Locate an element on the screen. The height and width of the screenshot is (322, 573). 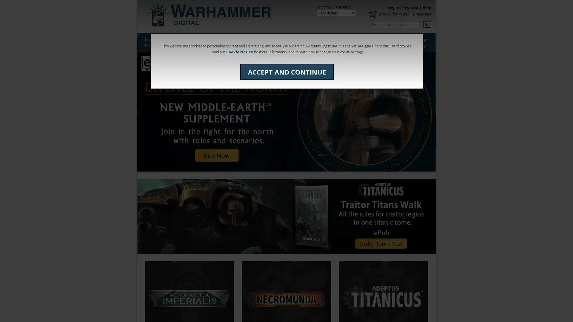
Go is located at coordinates (427, 24).